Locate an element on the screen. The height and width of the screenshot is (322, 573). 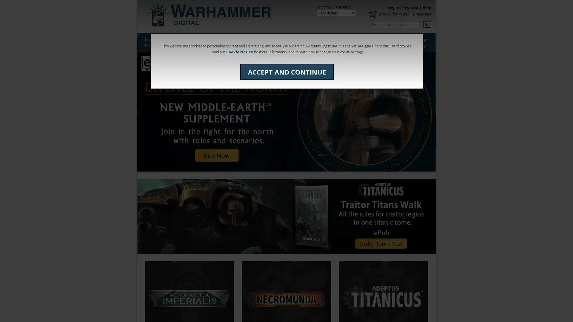
Go is located at coordinates (427, 24).